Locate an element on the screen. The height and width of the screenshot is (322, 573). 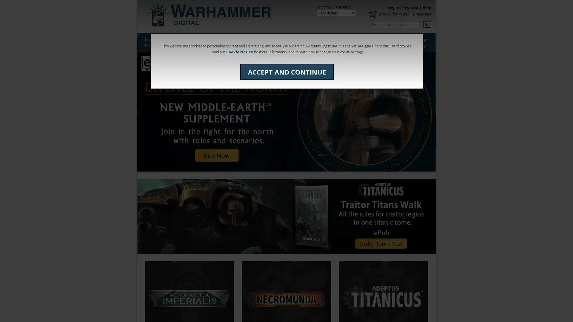
Go is located at coordinates (427, 24).